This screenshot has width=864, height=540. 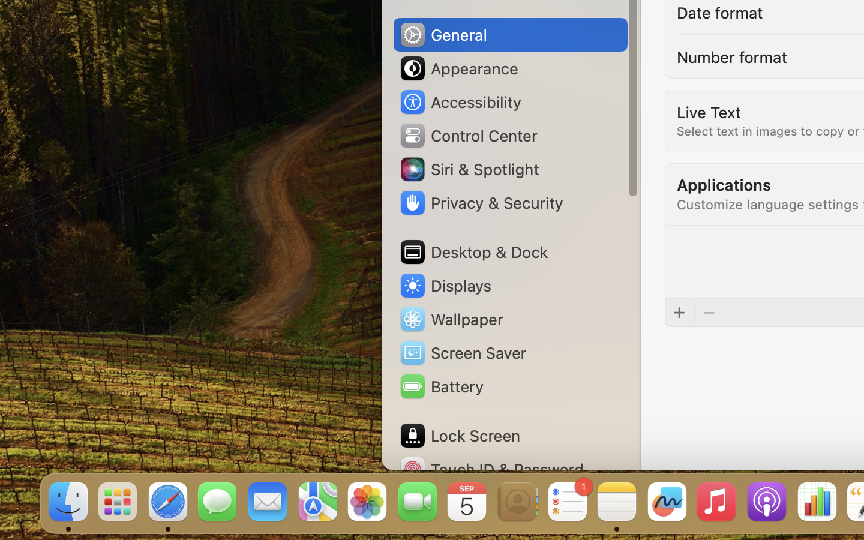 What do you see at coordinates (458, 435) in the screenshot?
I see `'Lock Screen'` at bounding box center [458, 435].